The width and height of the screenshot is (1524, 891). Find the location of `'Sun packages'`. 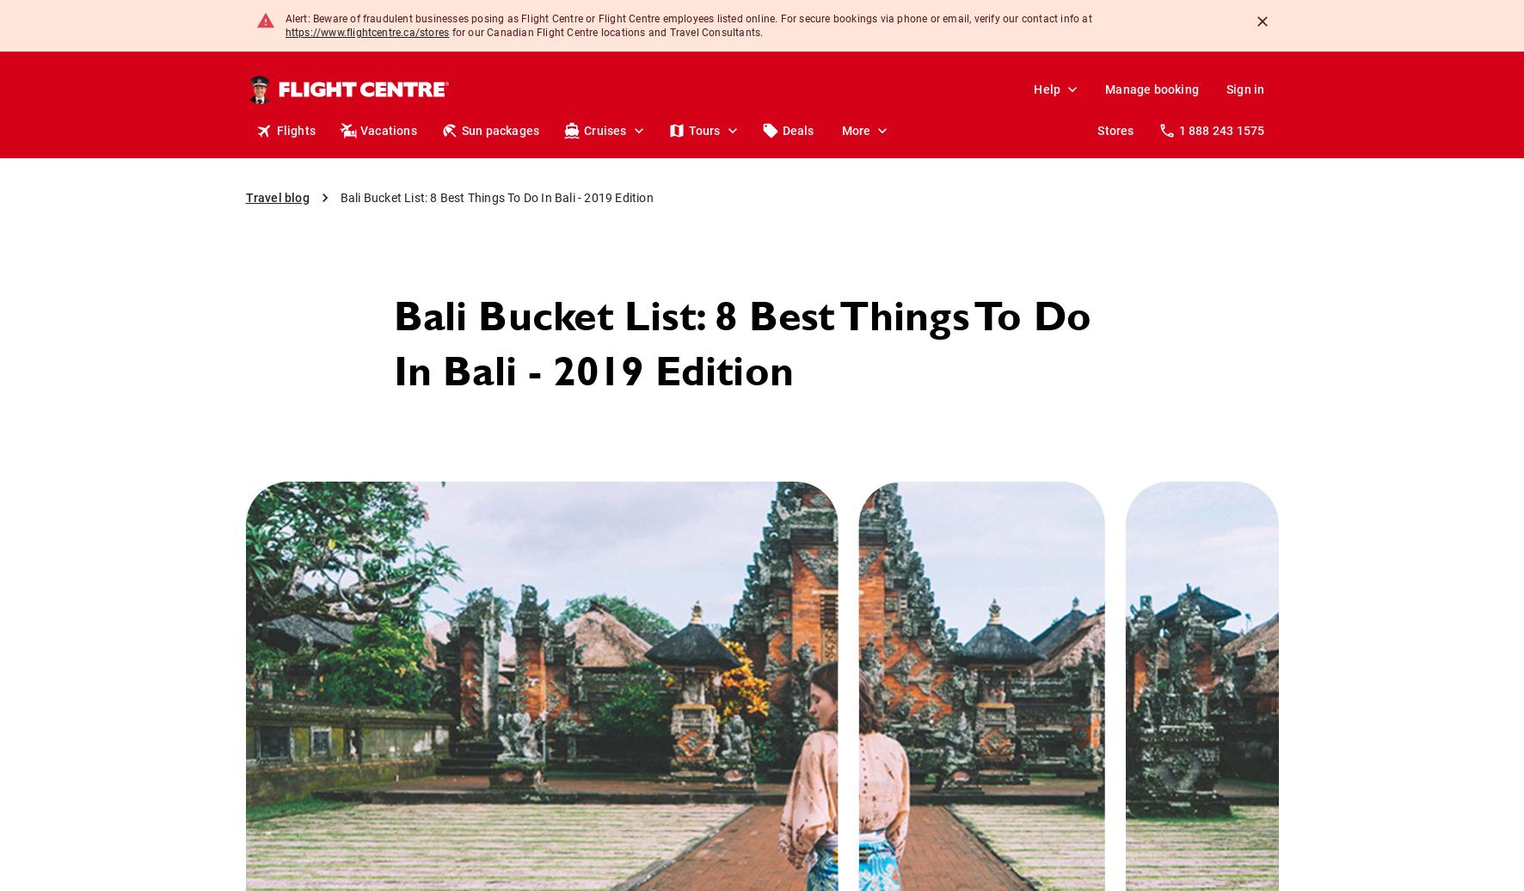

'Sun packages' is located at coordinates (460, 130).